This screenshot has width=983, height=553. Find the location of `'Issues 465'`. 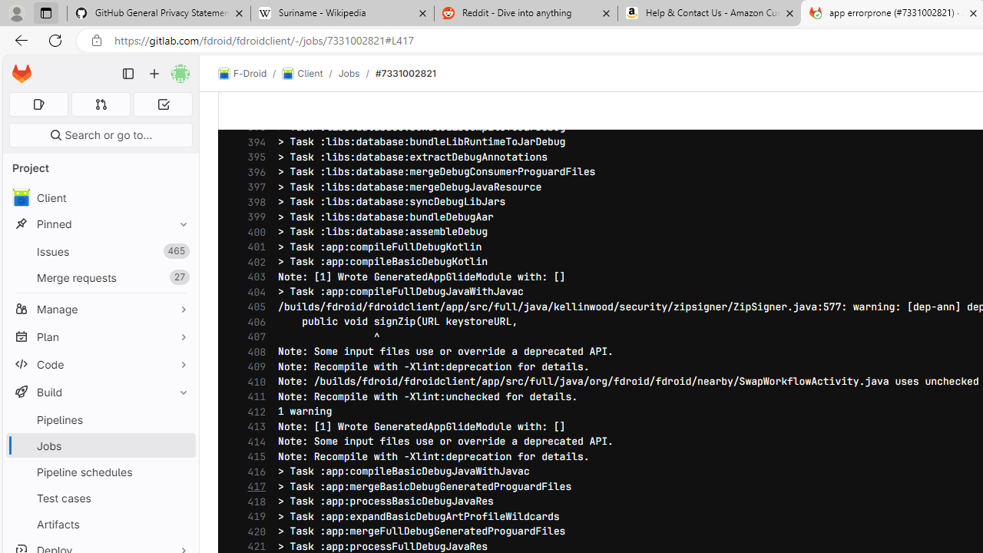

'Issues 465' is located at coordinates (100, 250).